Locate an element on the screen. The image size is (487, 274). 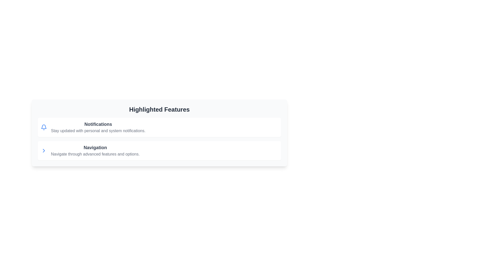
the notifications icon, which visually denotes the notifications section in the card-like layout is located at coordinates (44, 127).